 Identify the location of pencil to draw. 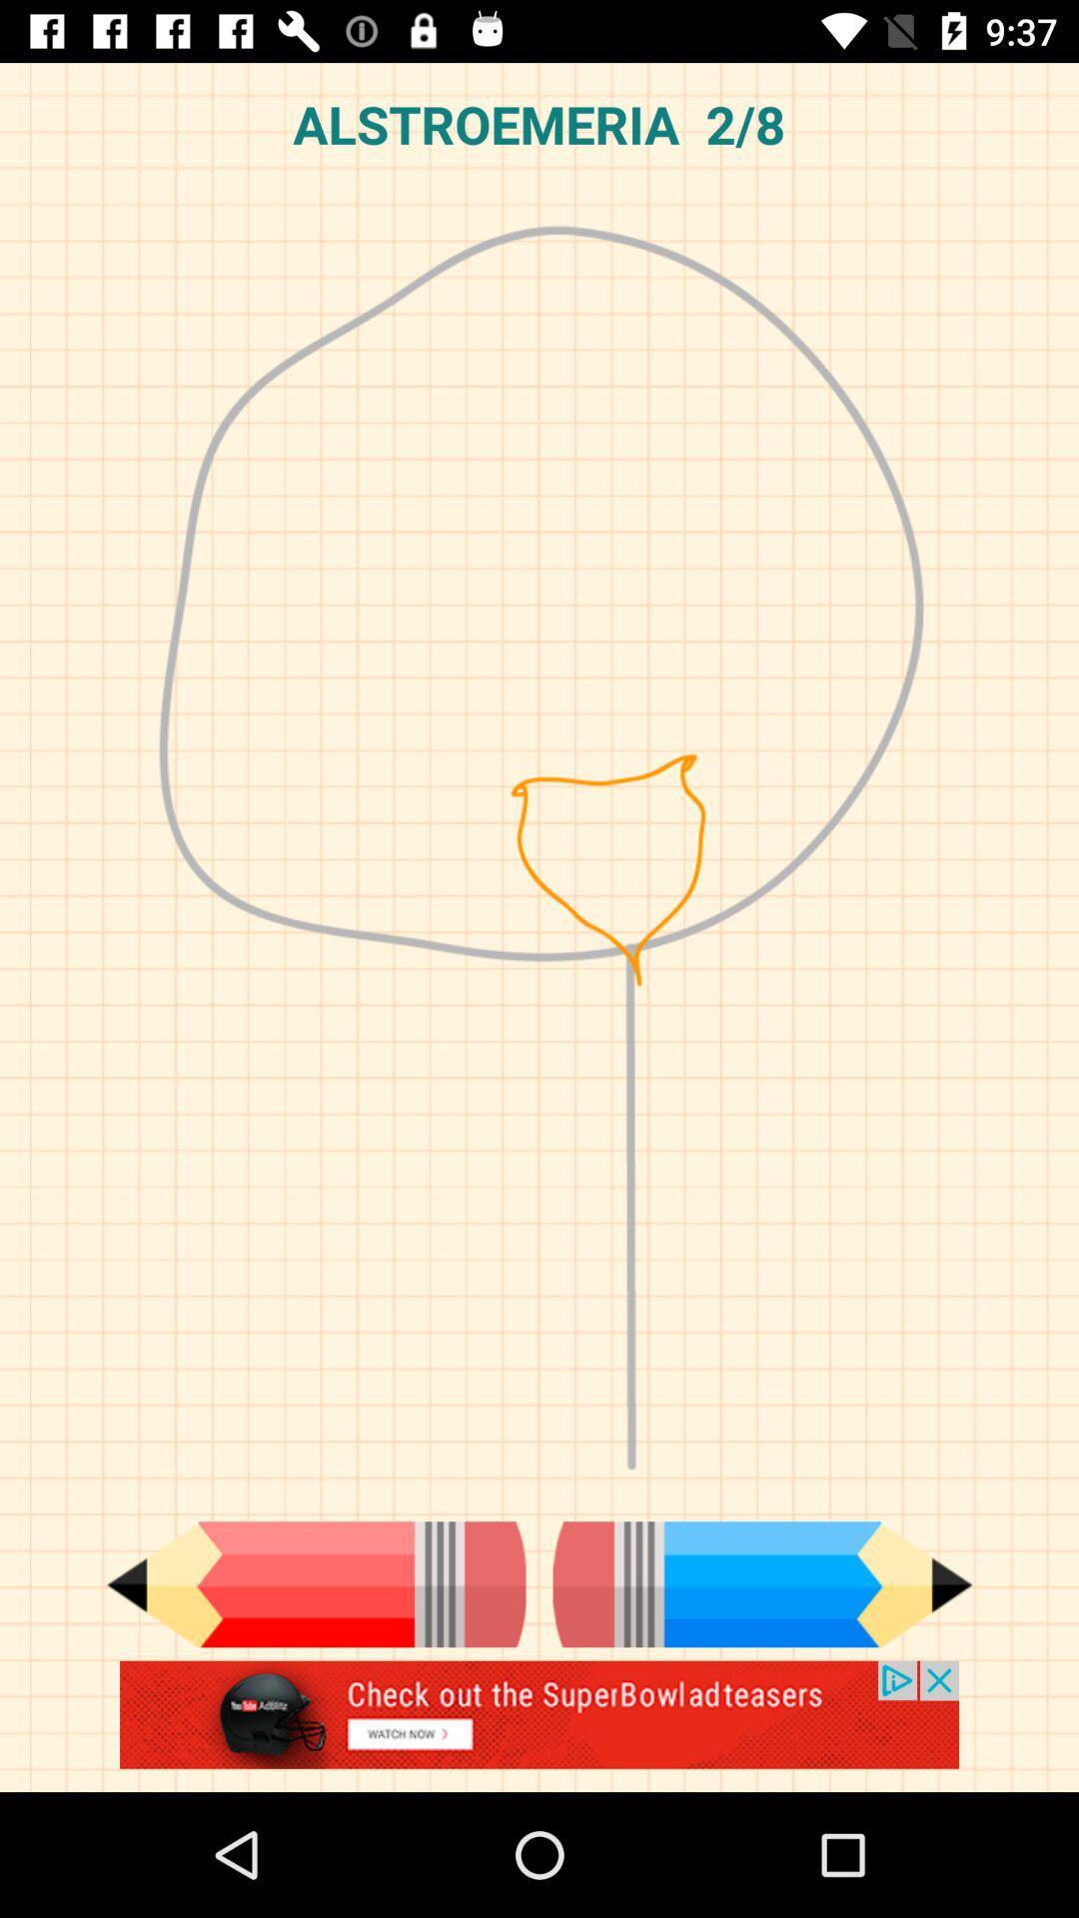
(762, 1583).